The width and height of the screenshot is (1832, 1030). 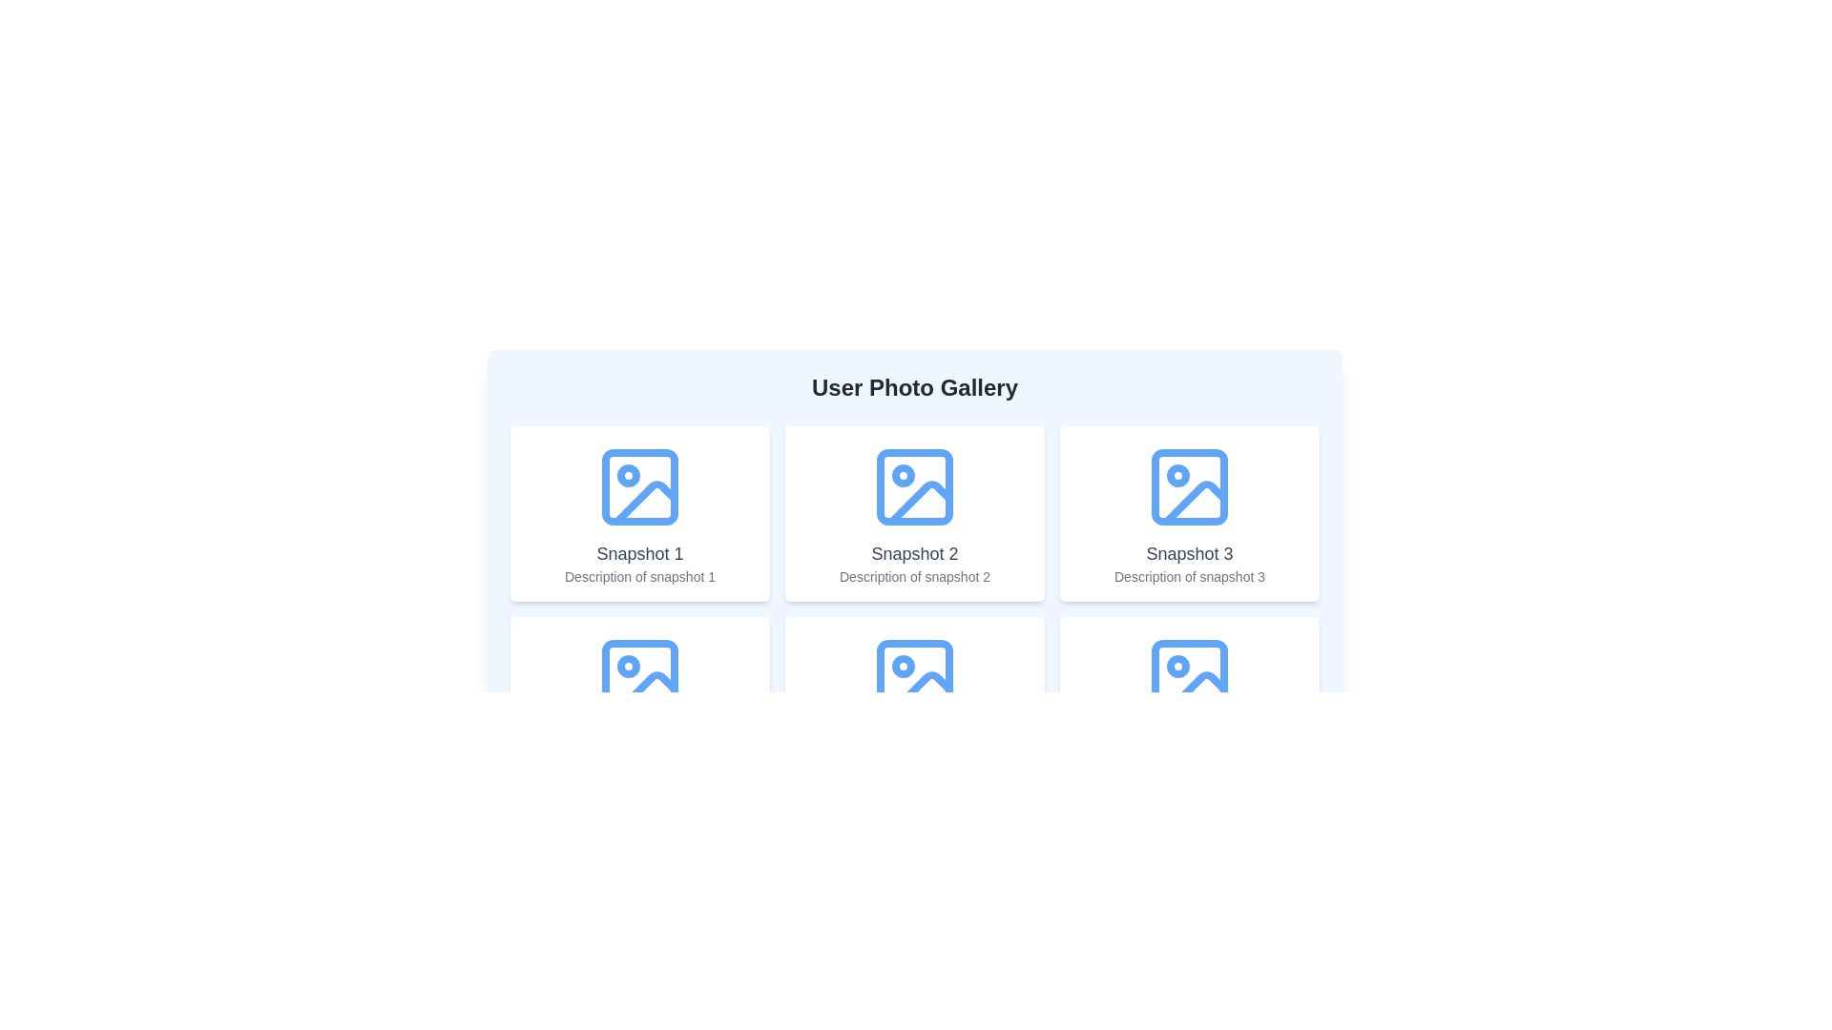 What do you see at coordinates (640, 485) in the screenshot?
I see `the icon representing the image in the first card located in the top-left corner of the three-column grid` at bounding box center [640, 485].